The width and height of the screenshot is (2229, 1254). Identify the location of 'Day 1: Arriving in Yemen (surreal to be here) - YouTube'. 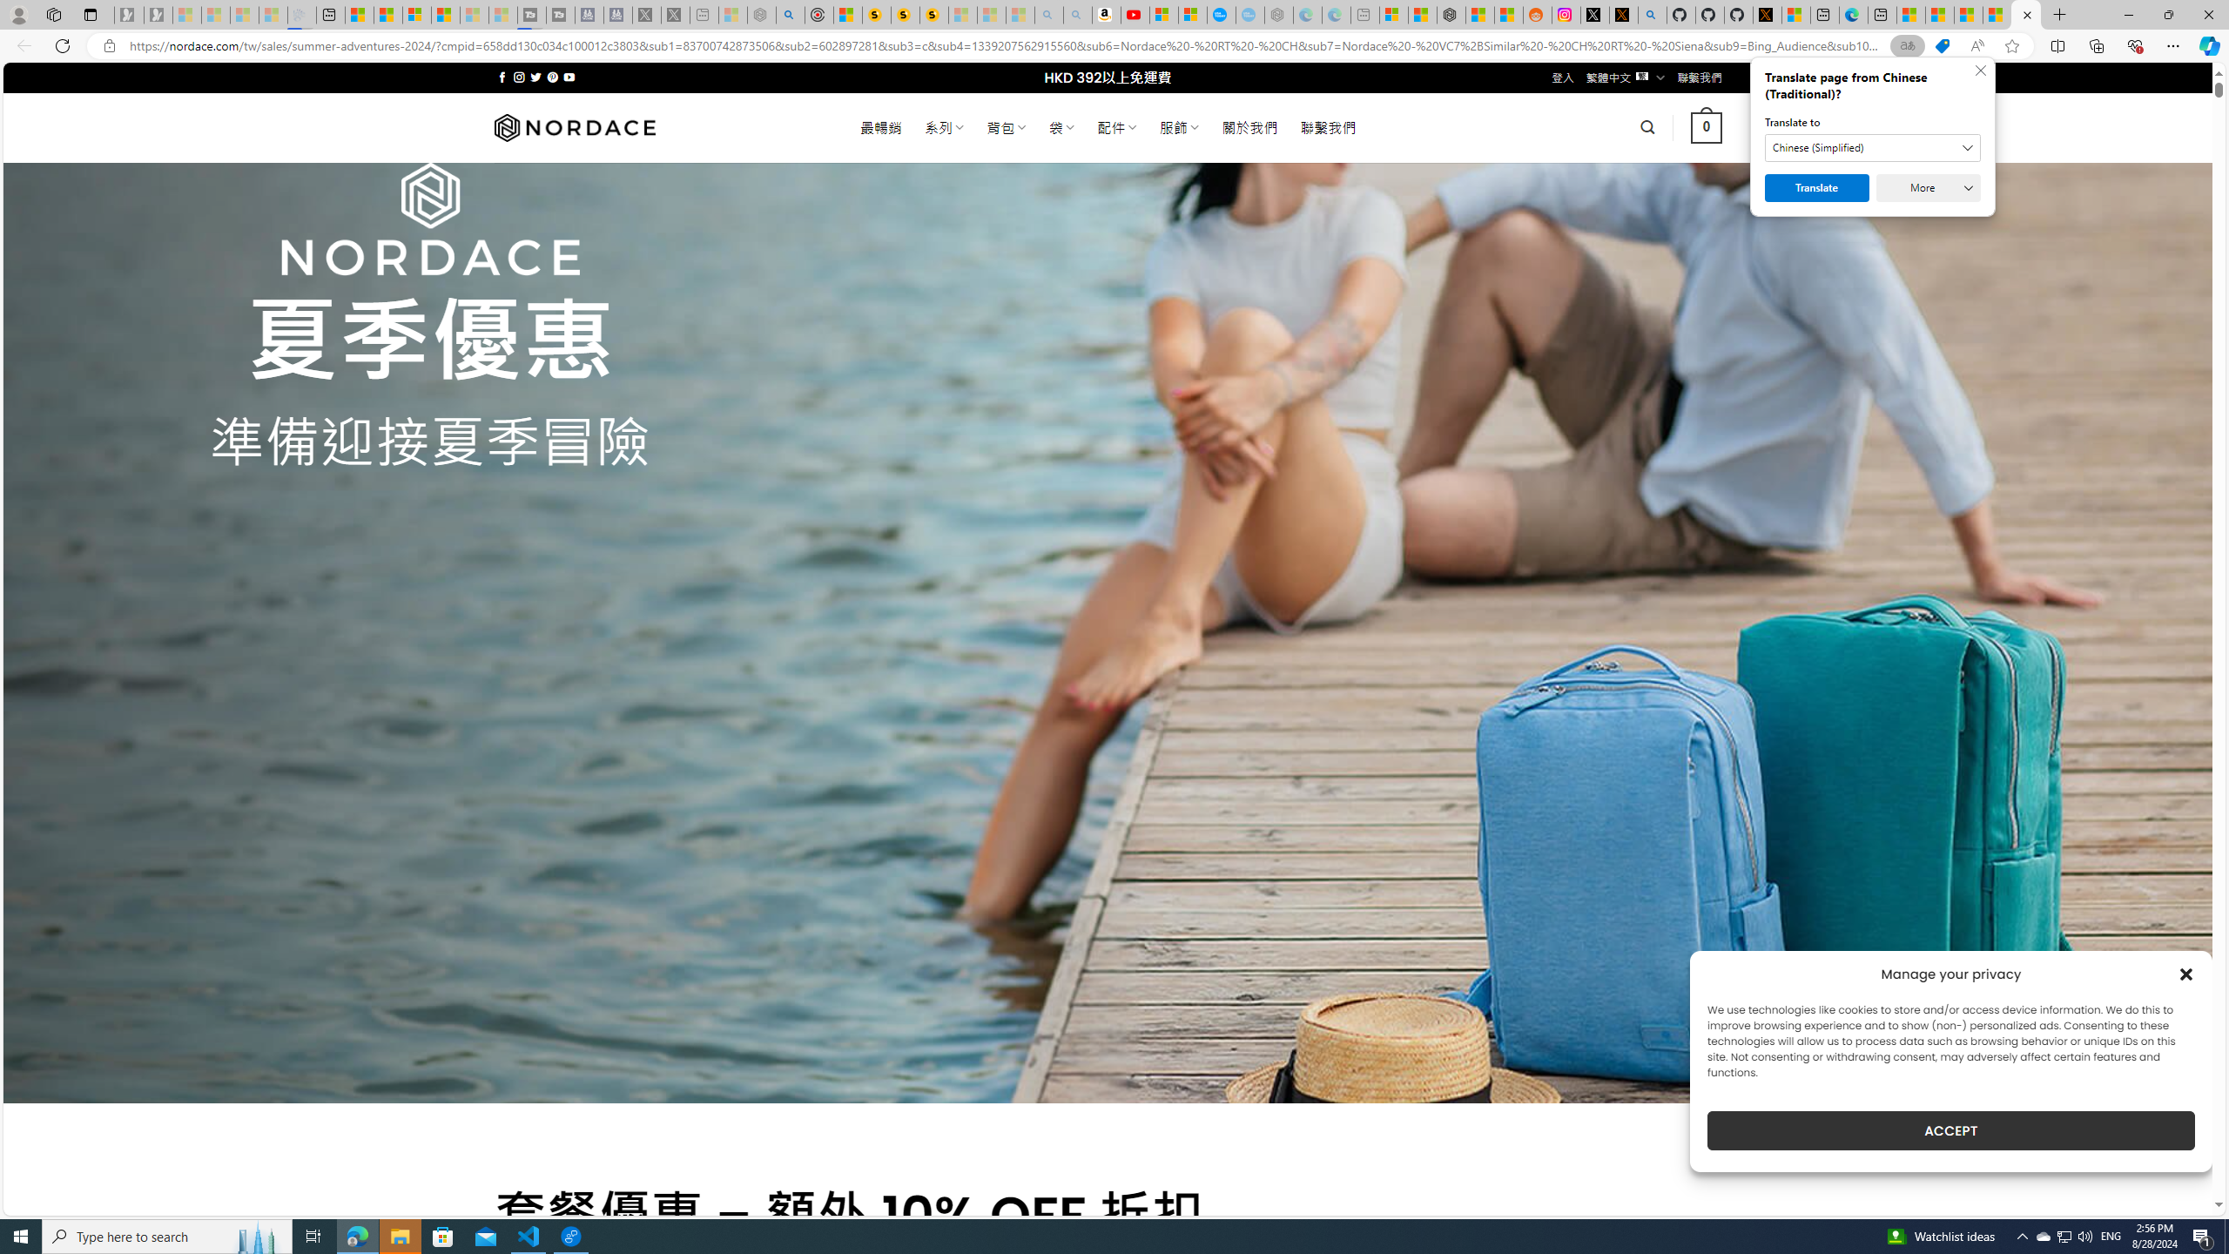
(1135, 14).